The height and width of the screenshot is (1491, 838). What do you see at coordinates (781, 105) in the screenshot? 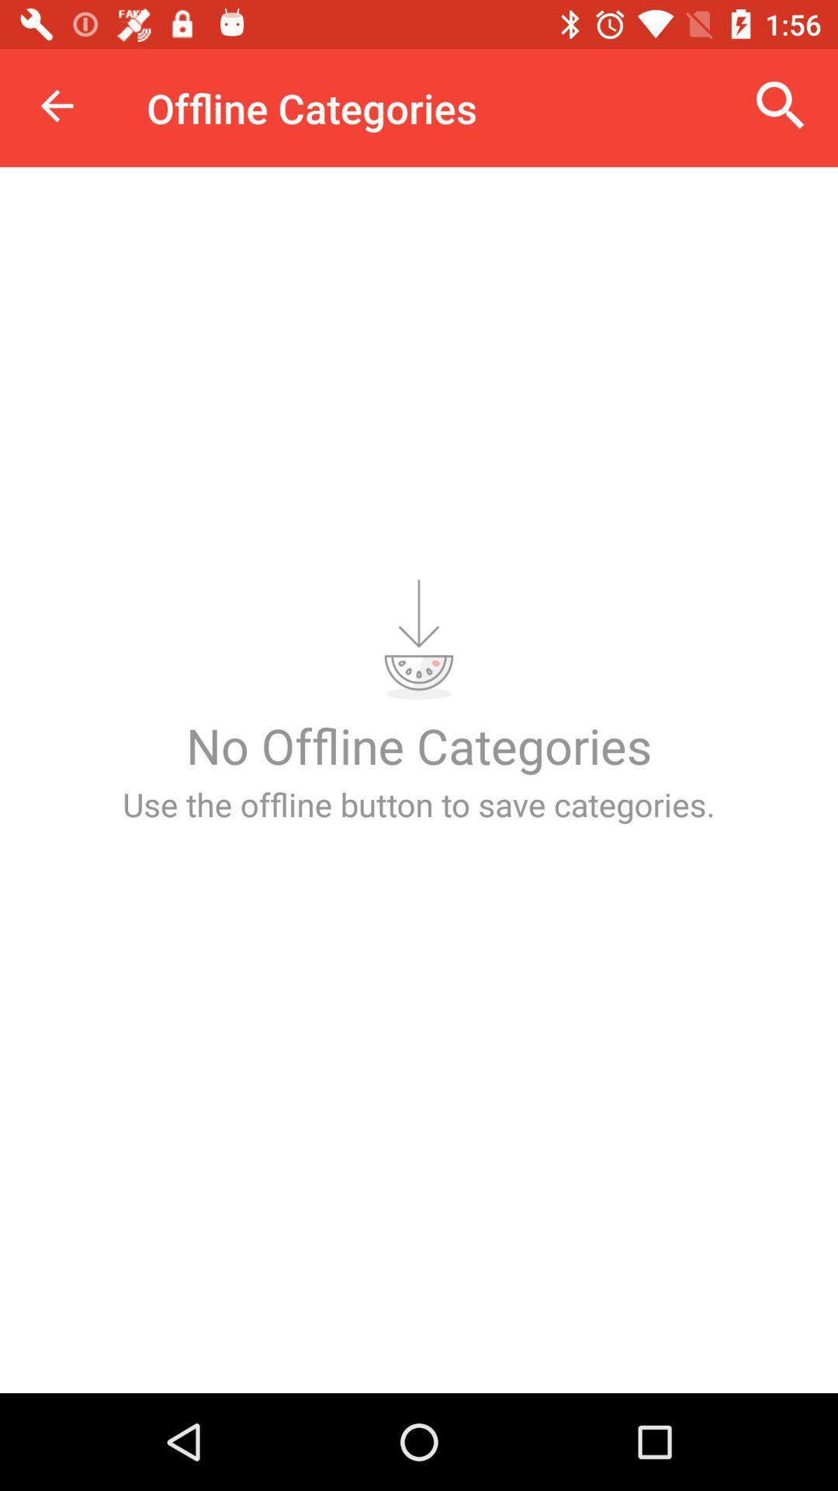
I see `the icon at the top right corner` at bounding box center [781, 105].